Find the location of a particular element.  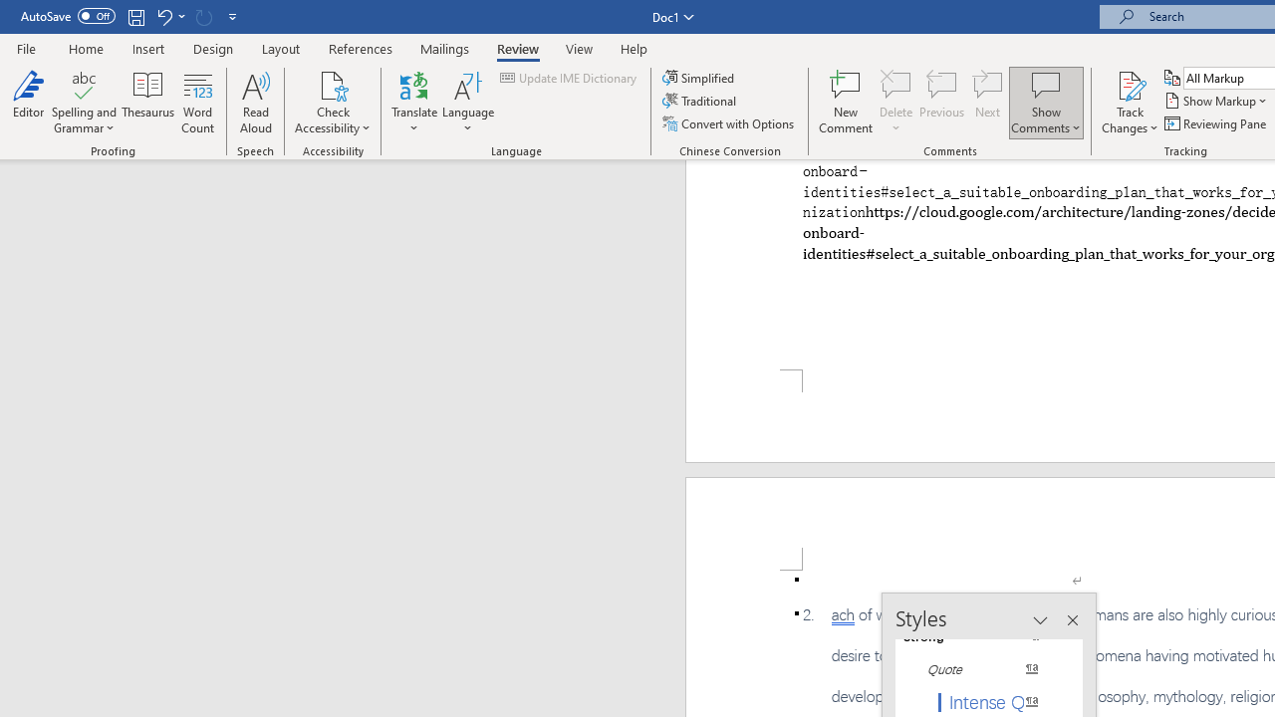

'Simplified' is located at coordinates (699, 77).